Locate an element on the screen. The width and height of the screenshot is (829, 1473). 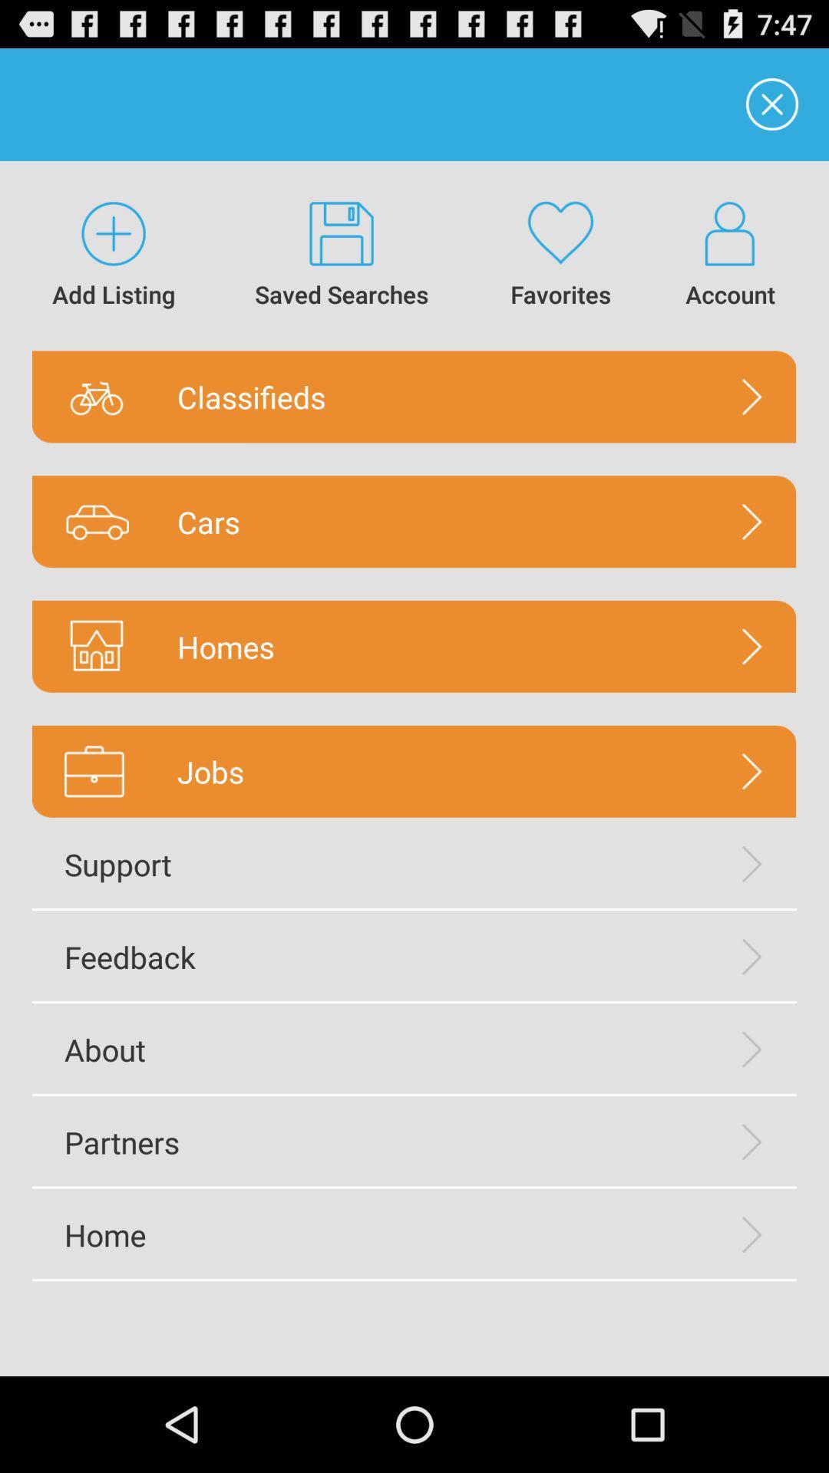
the close icon is located at coordinates (772, 110).